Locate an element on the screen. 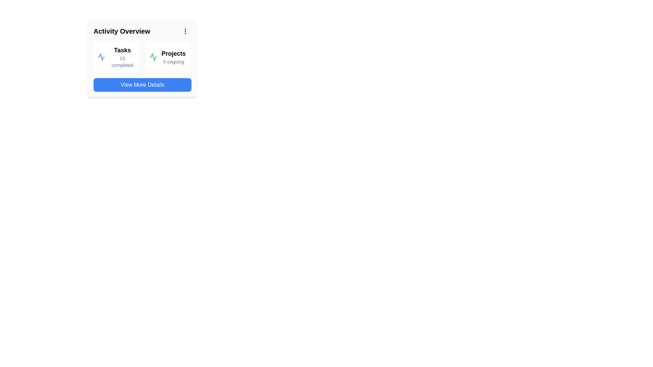  the 'Projects' text label, which is styled with a bold font and is located in the rightmost card of the 'Activity Overview' section, above the smaller text '5 ongoing' is located at coordinates (173, 53).